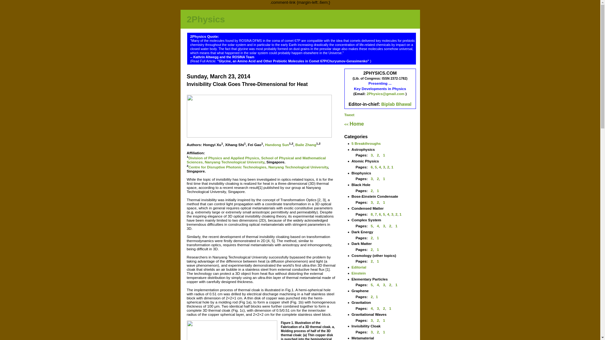 This screenshot has height=340, width=605. I want to click on '3', so click(372, 331).